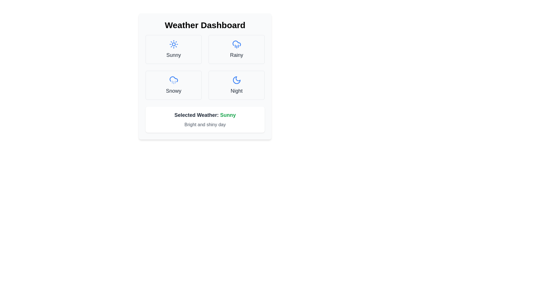 This screenshot has width=547, height=307. What do you see at coordinates (173, 44) in the screenshot?
I see `the SVG sun icon located in the top-left corner of the weather dashboard, which is styled in blue with rays indicating sunlight` at bounding box center [173, 44].